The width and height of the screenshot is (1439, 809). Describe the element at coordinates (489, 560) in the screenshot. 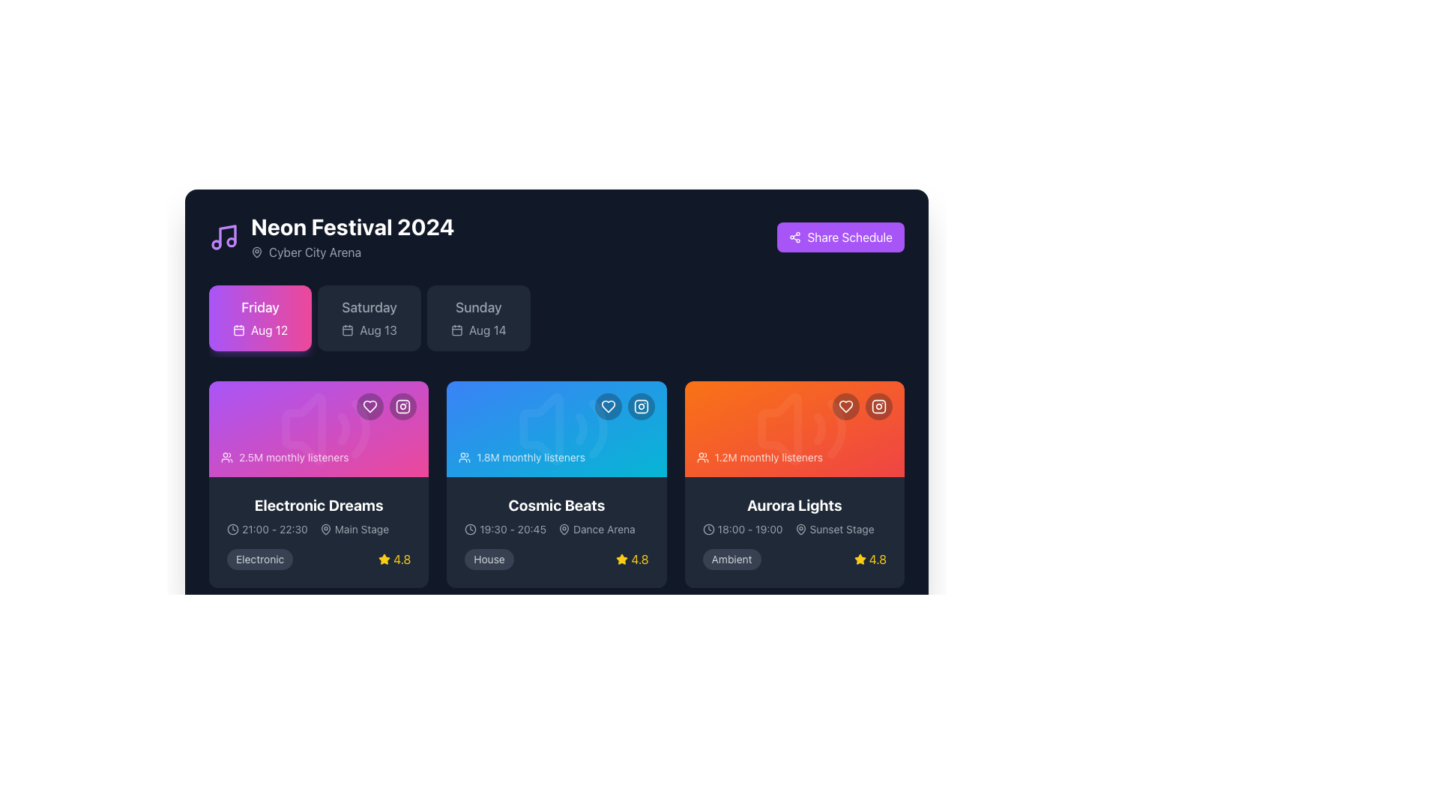

I see `the label describing the music genre or tag in the 'Cosmic Beats' section of the card, located next to the rating value '4.8' and a star icon` at that location.